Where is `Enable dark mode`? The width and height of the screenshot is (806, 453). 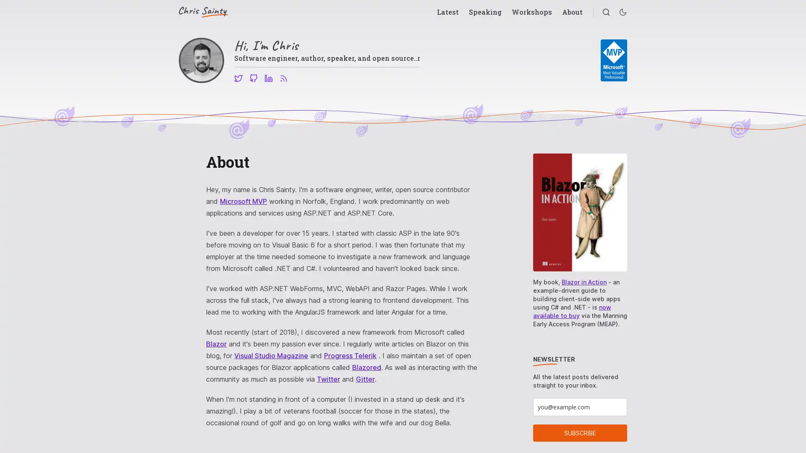
Enable dark mode is located at coordinates (623, 12).